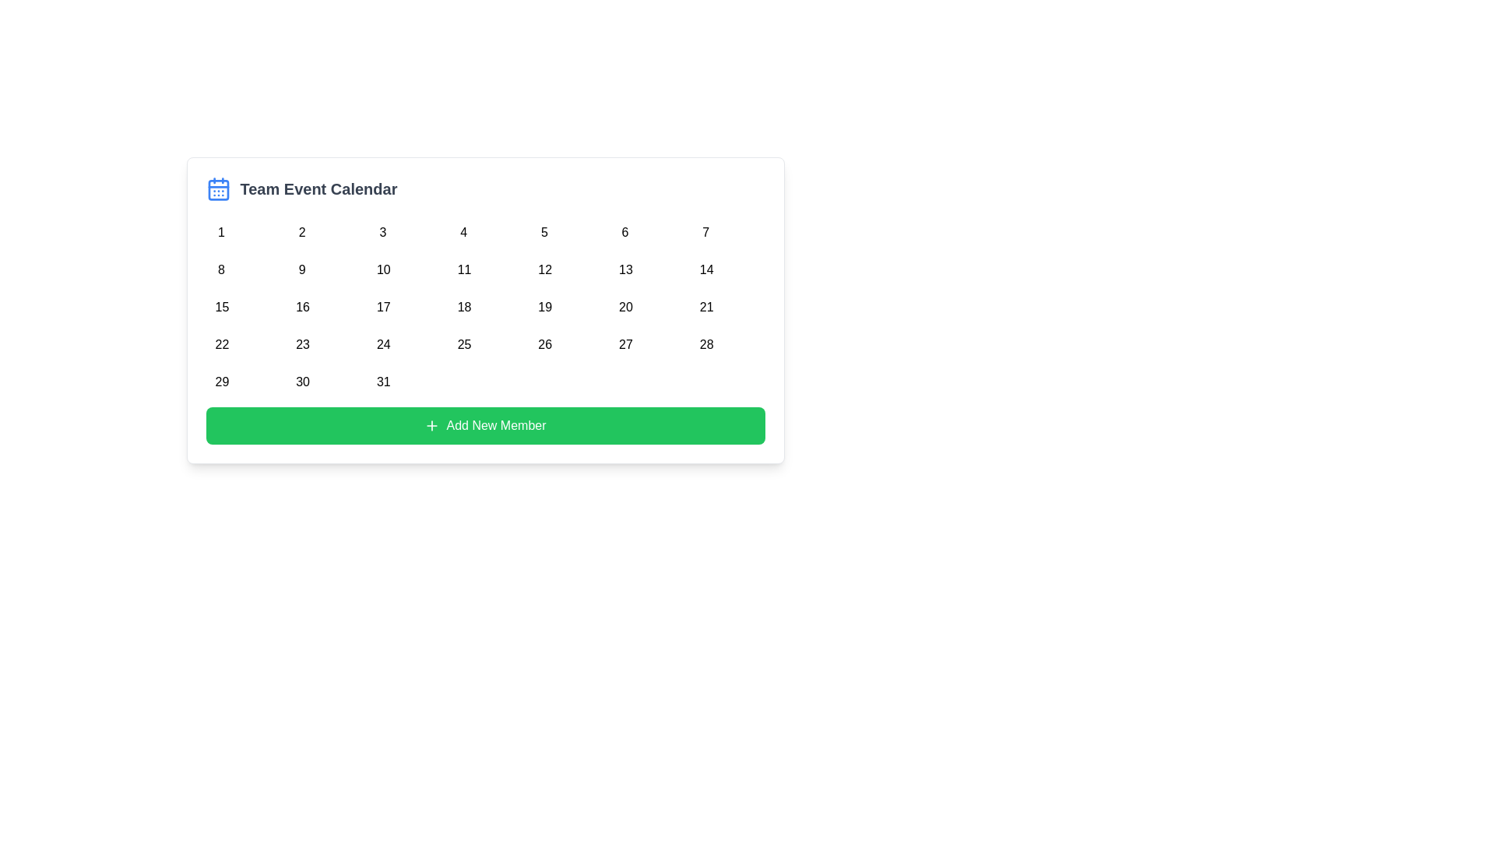 Image resolution: width=1495 pixels, height=841 pixels. Describe the element at coordinates (220, 229) in the screenshot. I see `the top-left rounded rectangular button containing the number '1'` at that location.